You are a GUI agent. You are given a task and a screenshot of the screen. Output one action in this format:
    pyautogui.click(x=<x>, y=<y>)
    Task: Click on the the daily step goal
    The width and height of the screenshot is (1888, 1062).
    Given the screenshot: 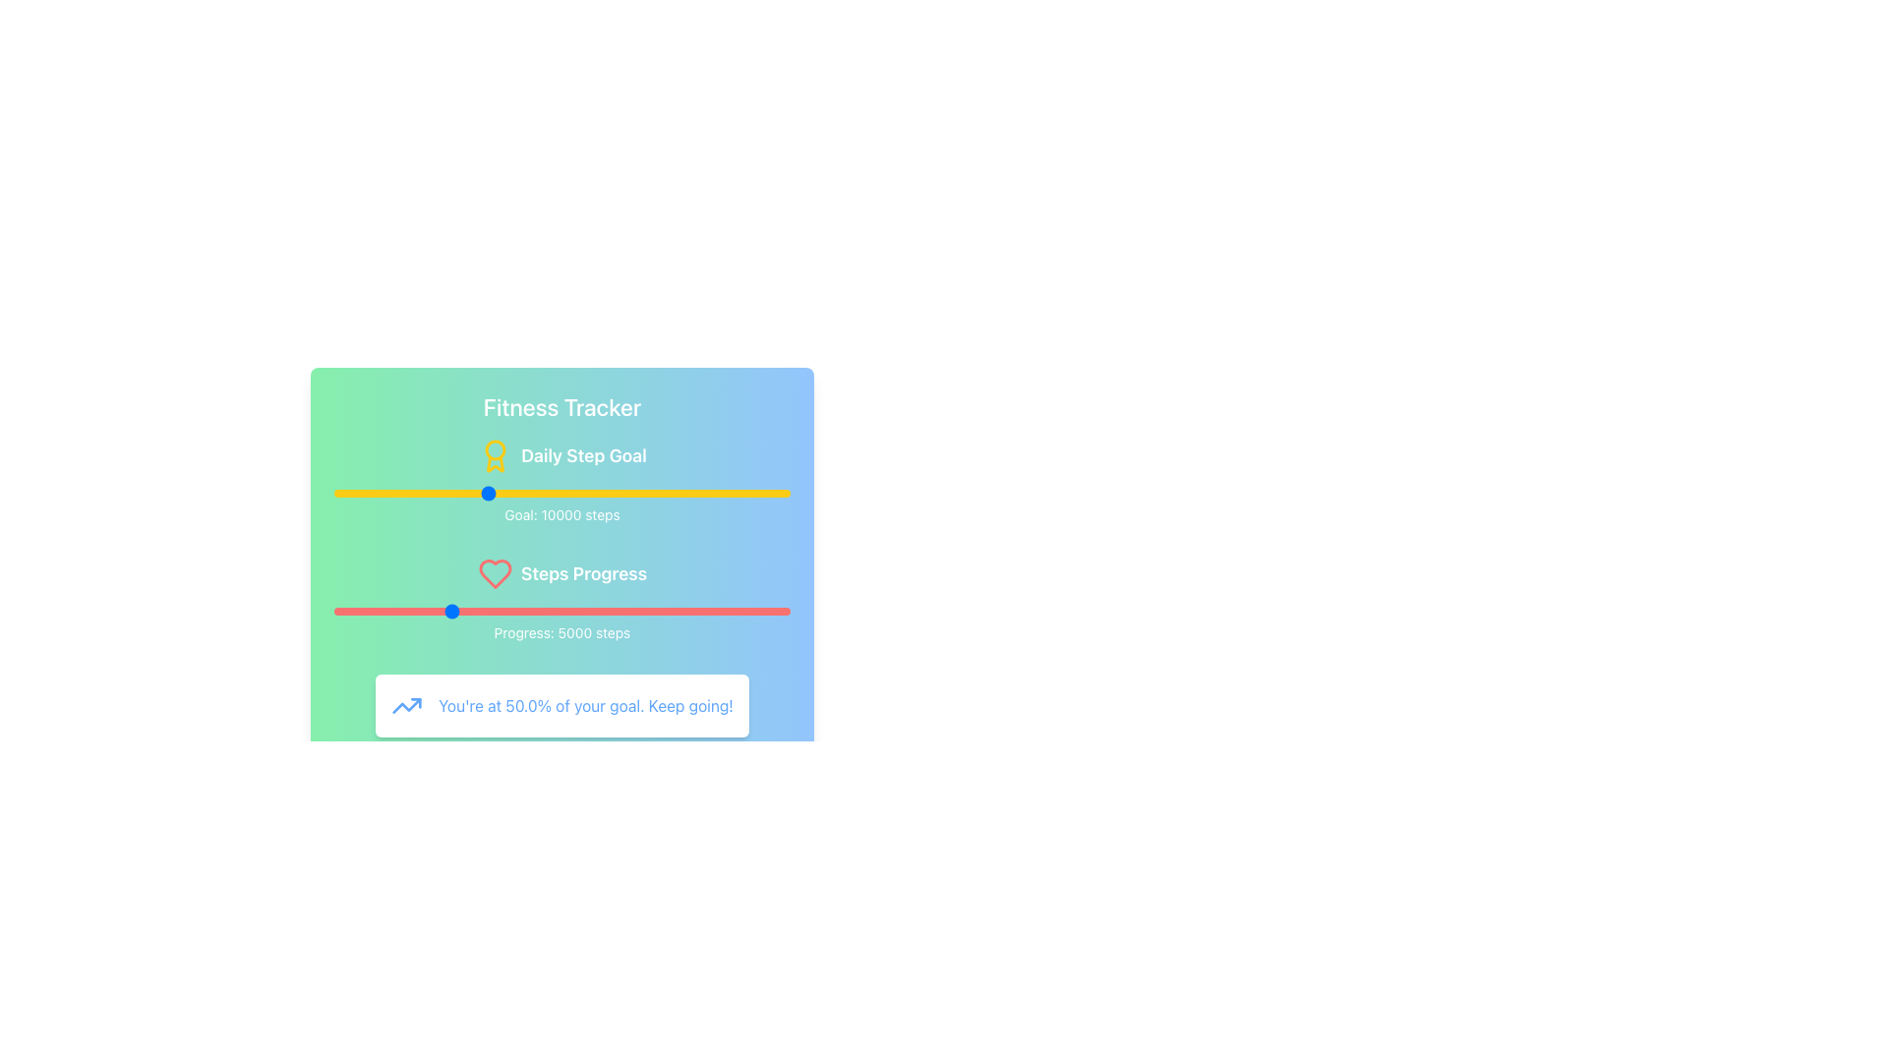 What is the action you would take?
    pyautogui.click(x=735, y=492)
    